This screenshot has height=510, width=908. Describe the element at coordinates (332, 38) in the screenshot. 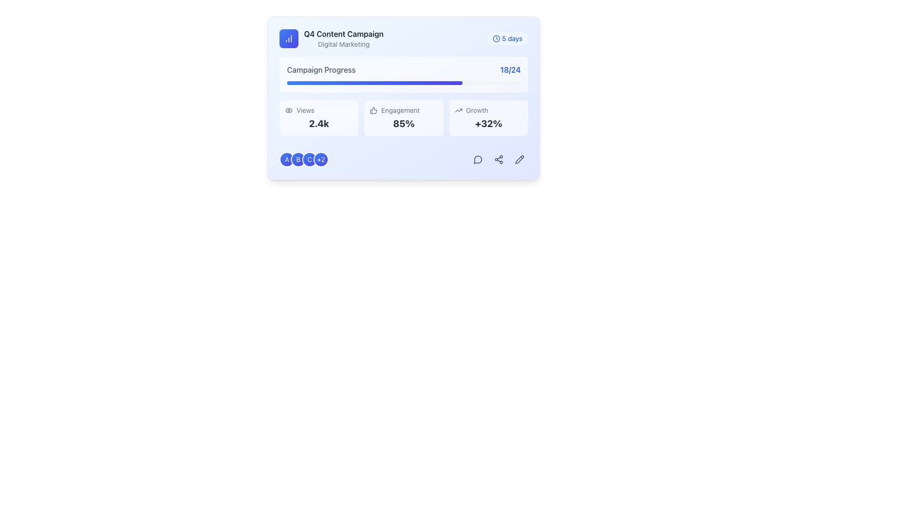

I see `the composite informational element with the text 'Q4 Content Campaign' and the chart icon` at that location.